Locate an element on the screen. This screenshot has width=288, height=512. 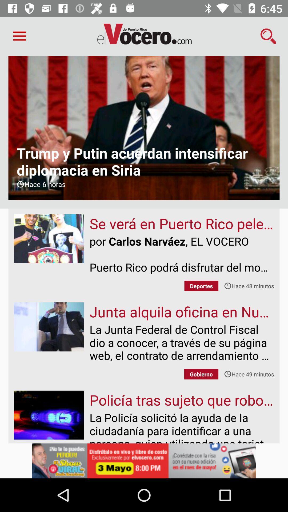
show avertisement is located at coordinates (144, 461).